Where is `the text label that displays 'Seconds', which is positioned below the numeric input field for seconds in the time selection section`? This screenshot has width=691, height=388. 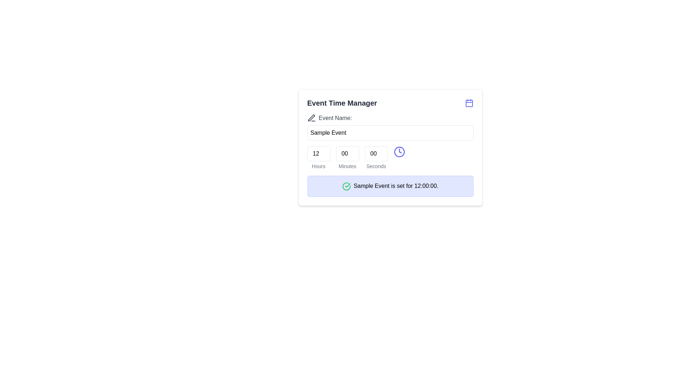 the text label that displays 'Seconds', which is positioned below the numeric input field for seconds in the time selection section is located at coordinates (376, 166).